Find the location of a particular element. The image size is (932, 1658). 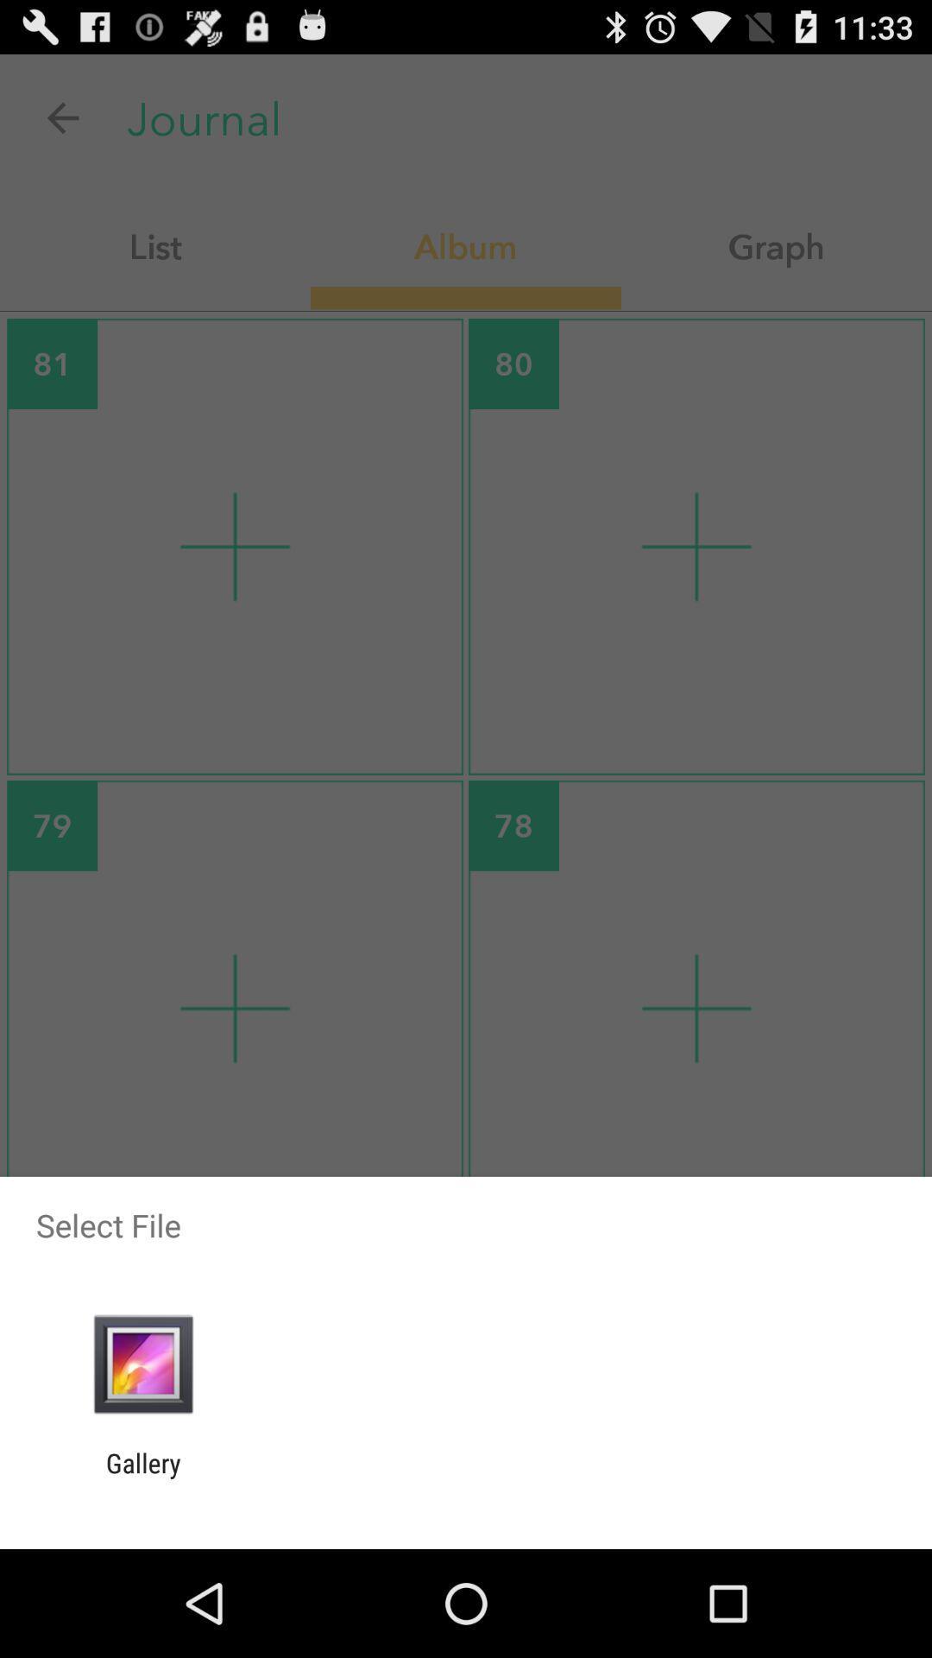

gallery is located at coordinates (142, 1478).